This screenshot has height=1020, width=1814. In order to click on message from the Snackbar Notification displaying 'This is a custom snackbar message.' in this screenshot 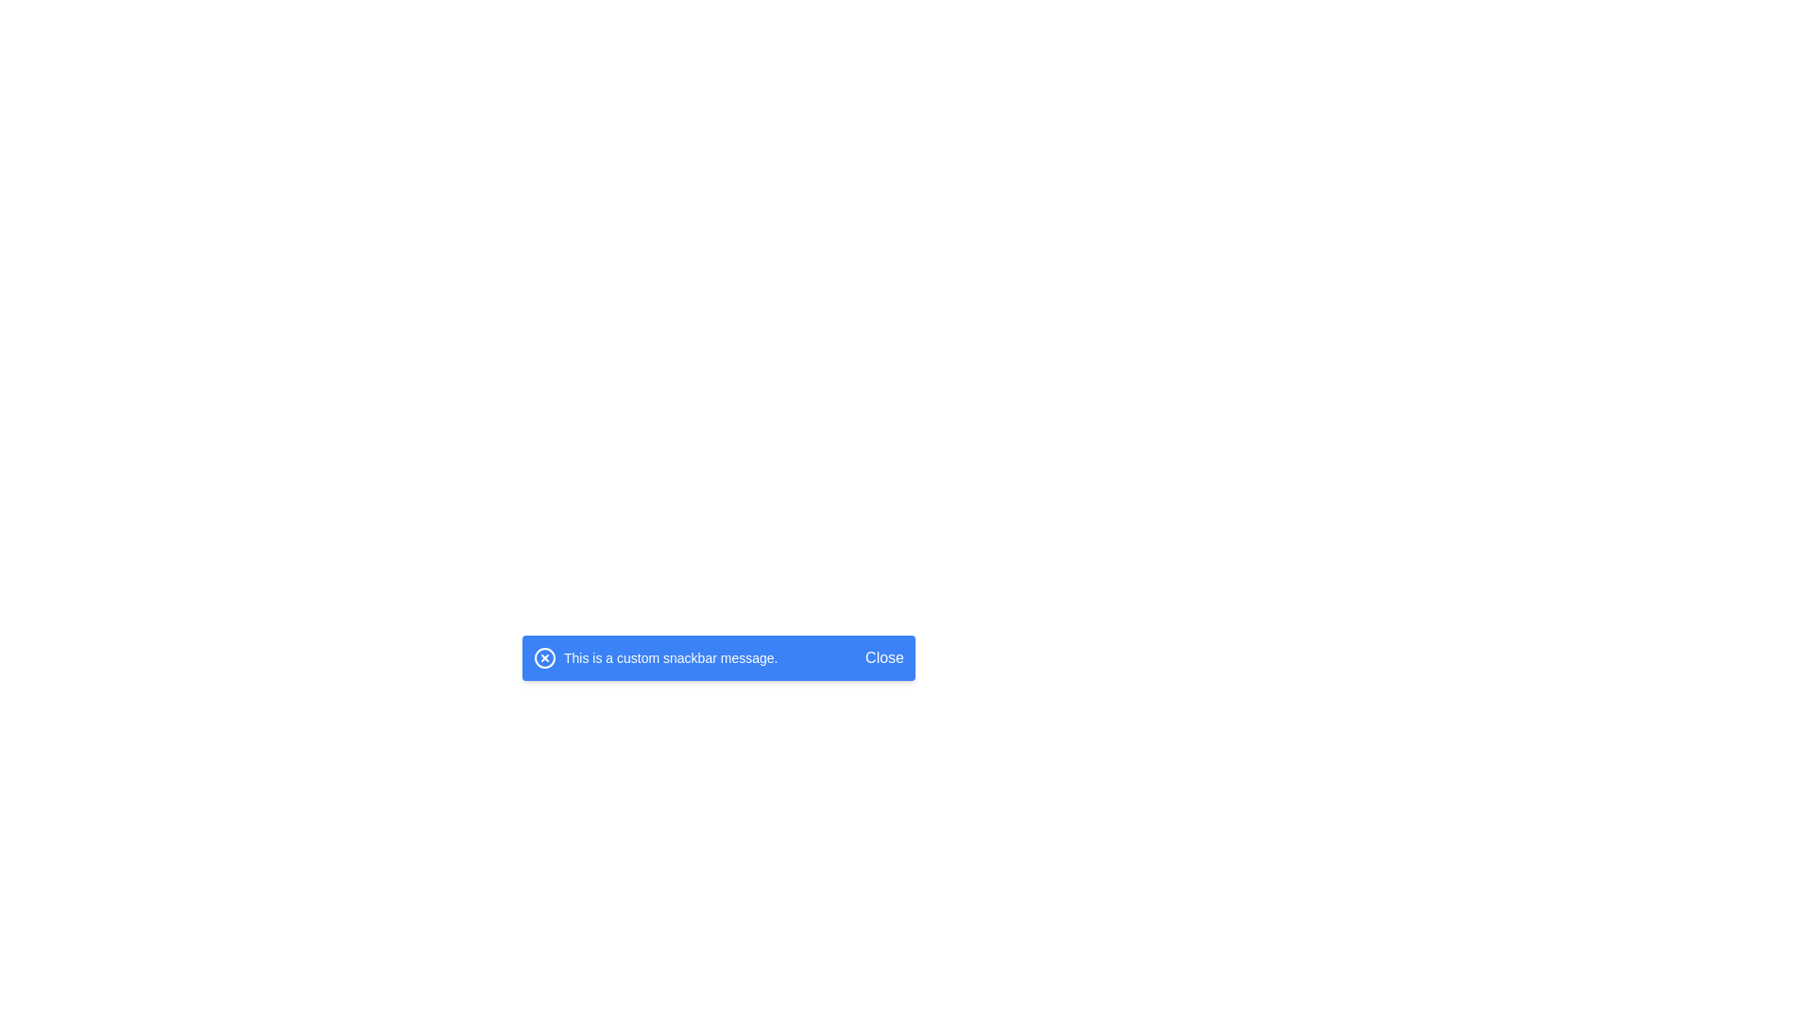, I will do `click(718, 657)`.